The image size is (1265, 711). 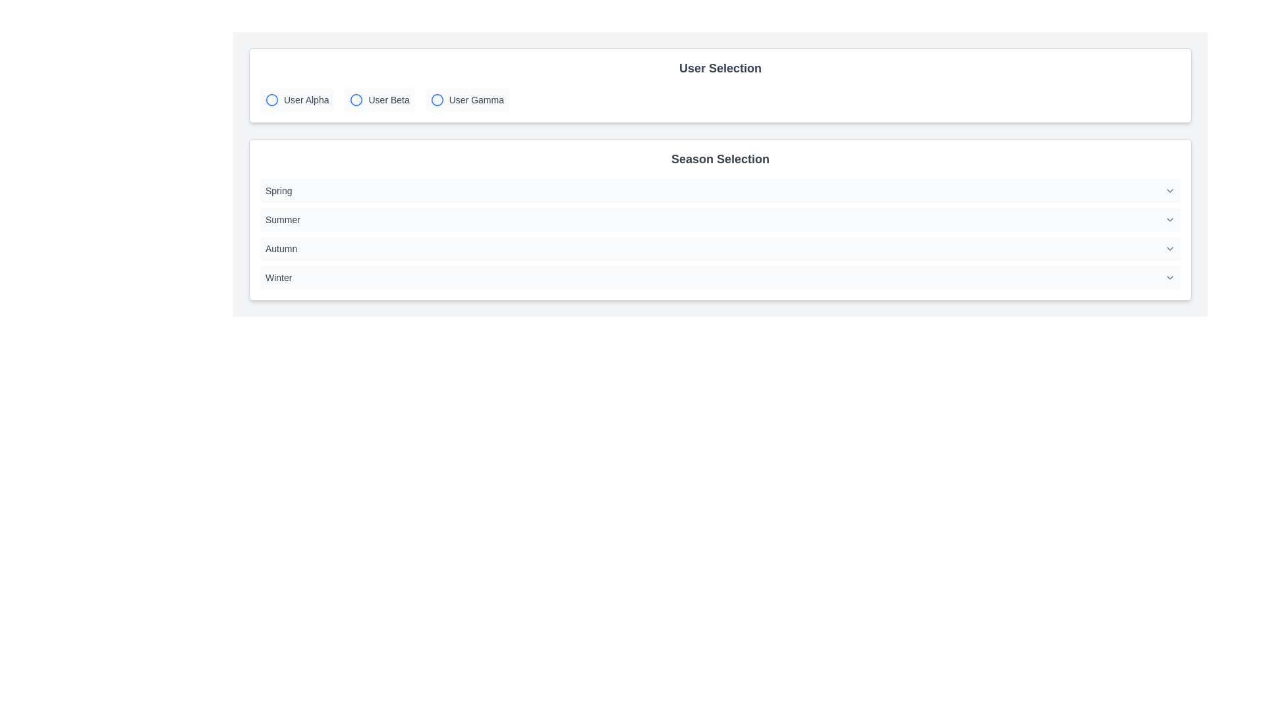 I want to click on the downward-pointing chevron icon, styled in gray, located to the right of the 'Autumn' label in the 'Season Selection' section, so click(x=1170, y=249).